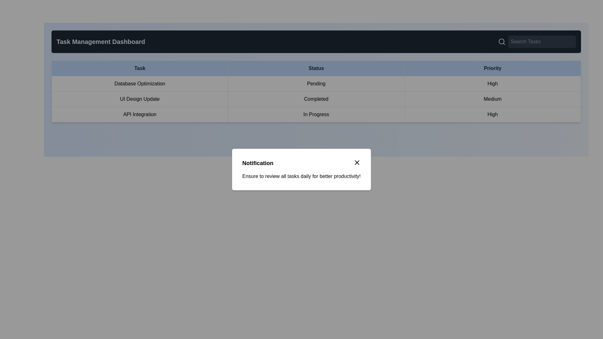  Describe the element at coordinates (258, 163) in the screenshot. I see `the 'Notification' label, which is a bold, large text element located prominently inside a notification popup, aligned with an icon on the right side` at that location.